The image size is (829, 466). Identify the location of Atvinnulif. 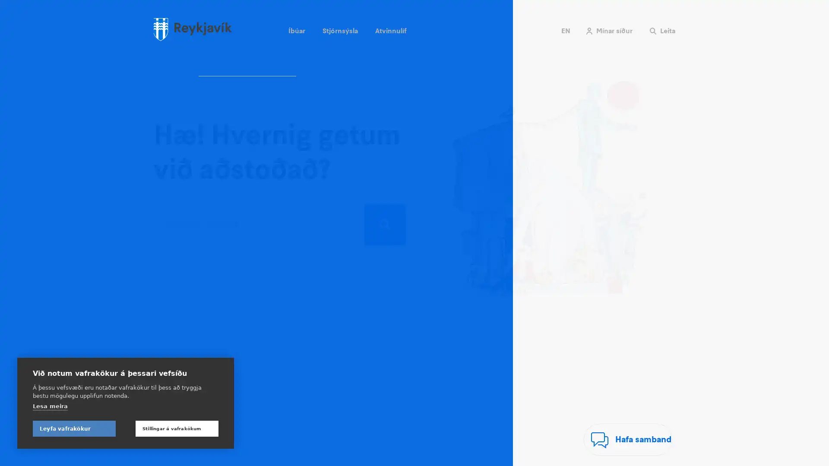
(390, 29).